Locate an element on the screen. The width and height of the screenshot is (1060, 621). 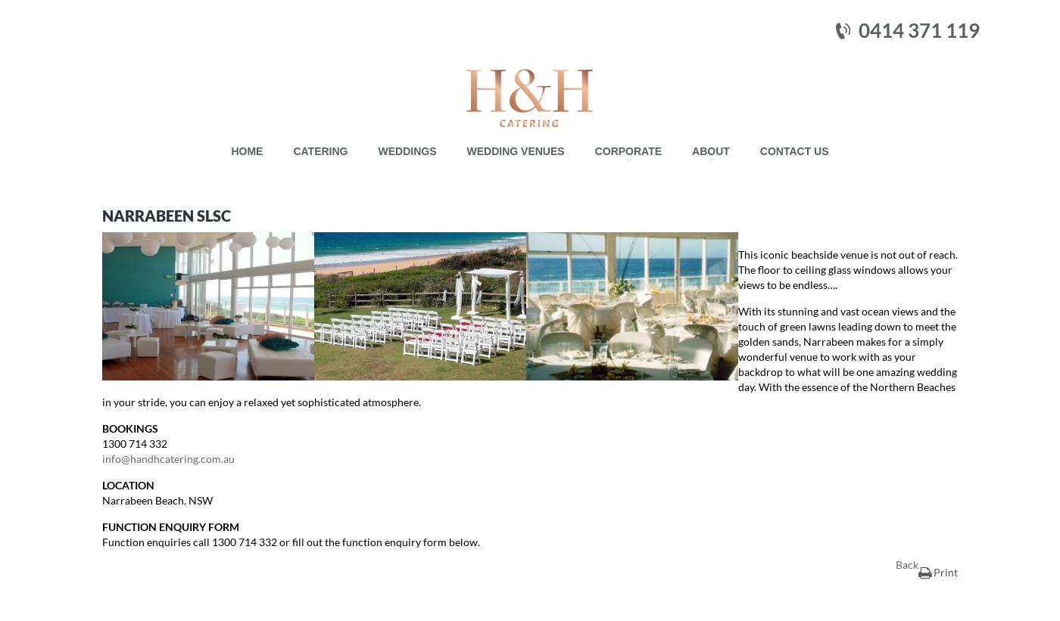
'LOCATION' is located at coordinates (101, 484).